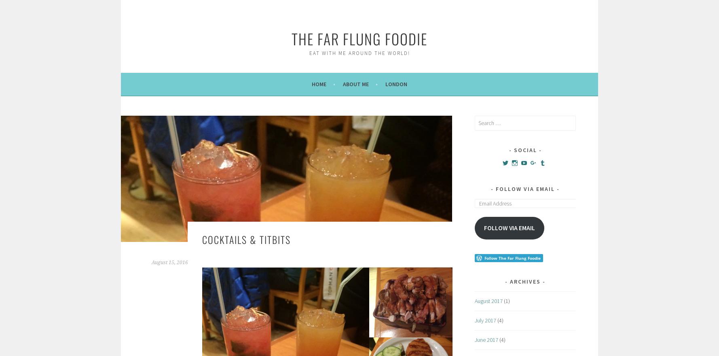 This screenshot has height=356, width=719. What do you see at coordinates (506, 301) in the screenshot?
I see `'(1)'` at bounding box center [506, 301].